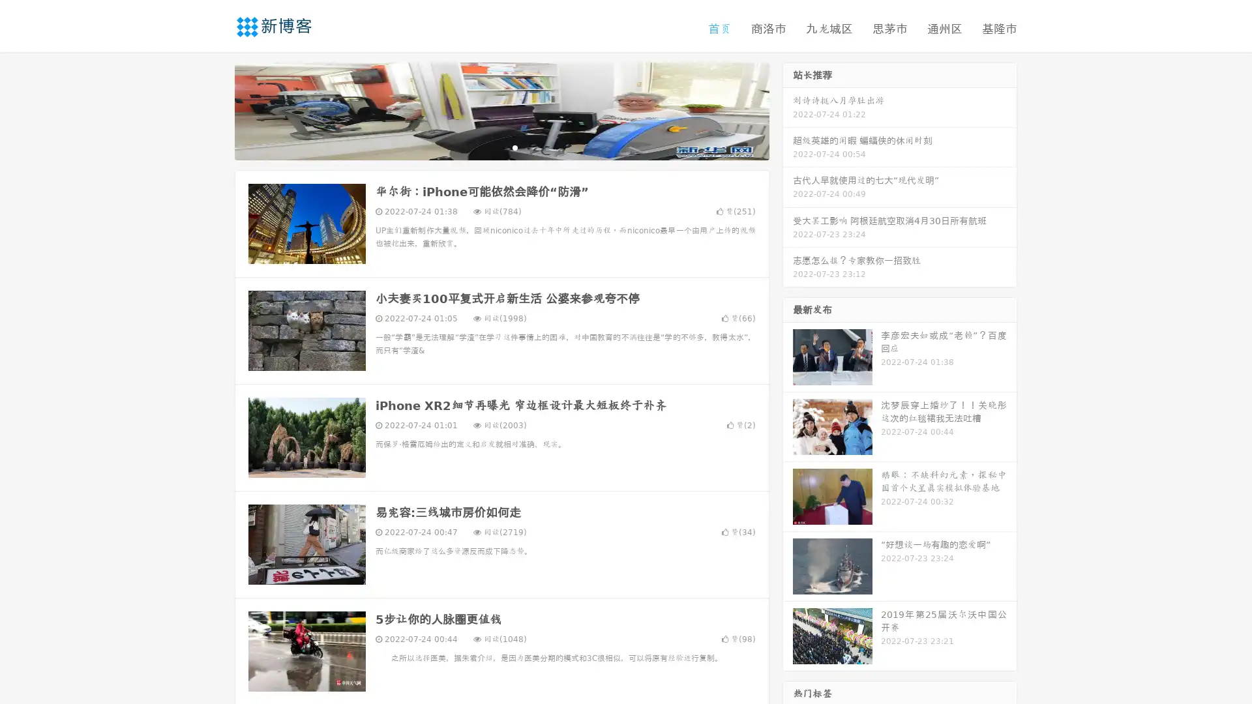  What do you see at coordinates (501, 147) in the screenshot?
I see `Go to slide 2` at bounding box center [501, 147].